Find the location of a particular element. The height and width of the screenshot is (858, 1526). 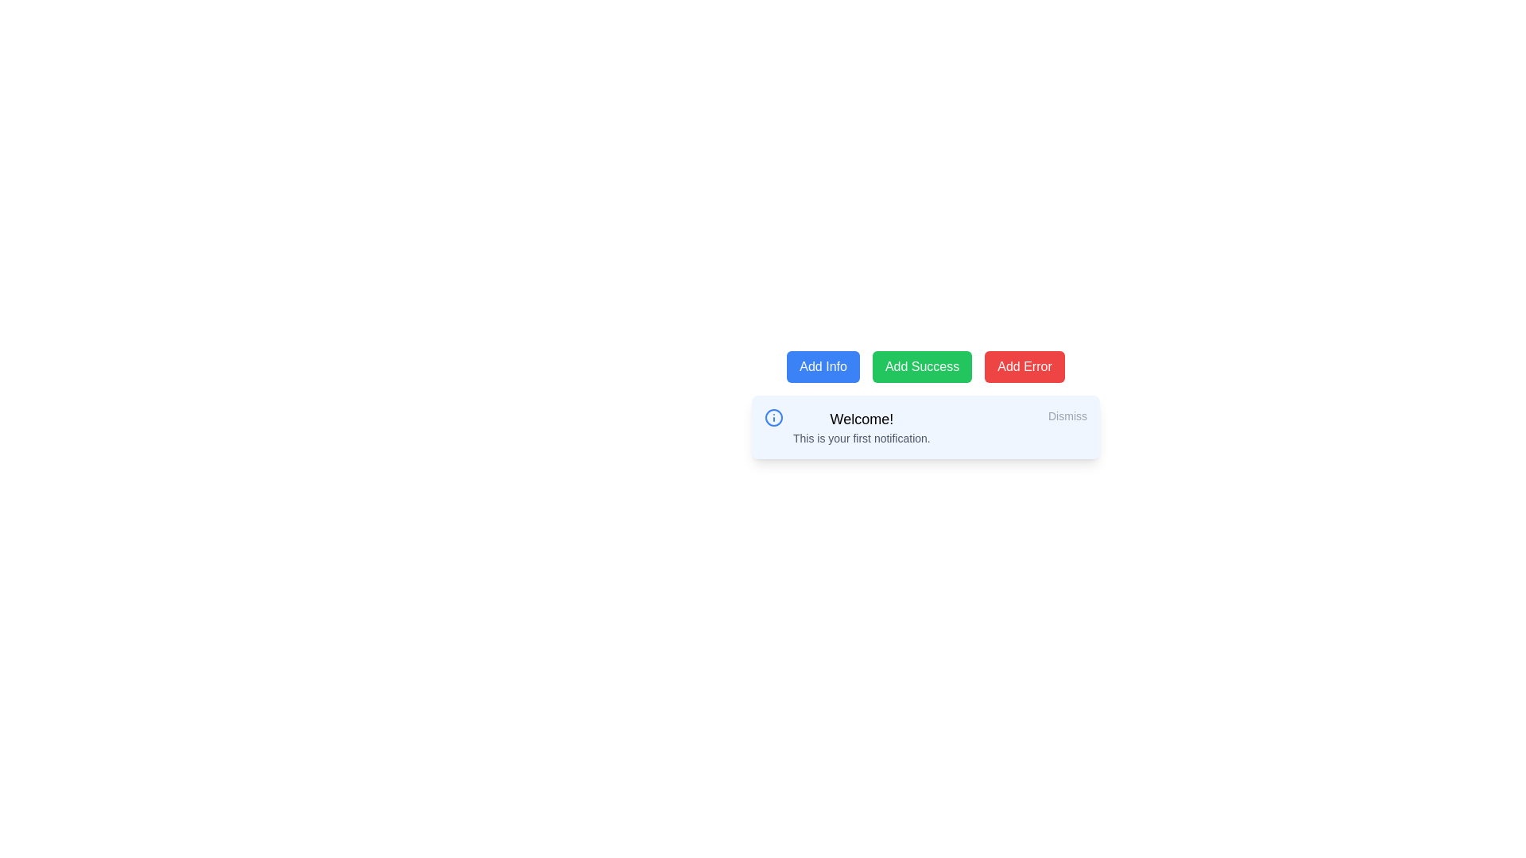

the dismiss button located at the top-right corner of the notification is located at coordinates (1067, 415).